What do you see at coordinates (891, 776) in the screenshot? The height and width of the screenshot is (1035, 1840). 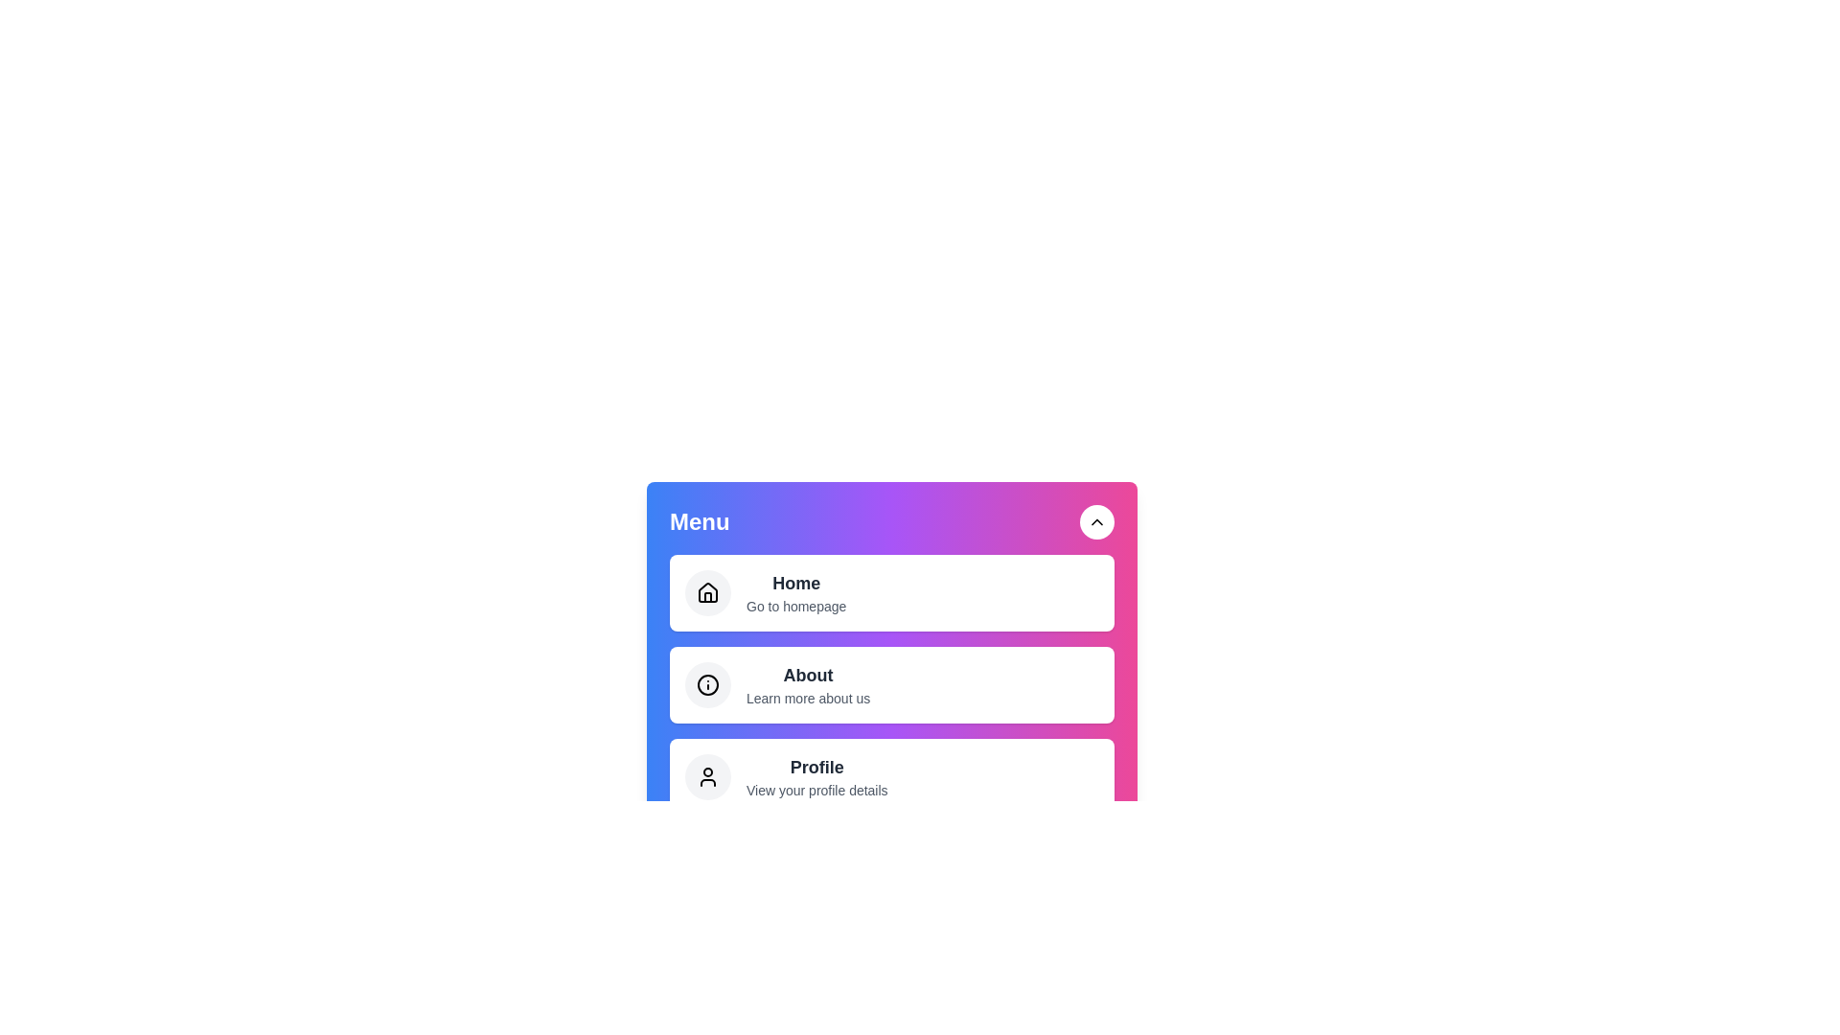 I see `the menu item Profile from the menu` at bounding box center [891, 776].